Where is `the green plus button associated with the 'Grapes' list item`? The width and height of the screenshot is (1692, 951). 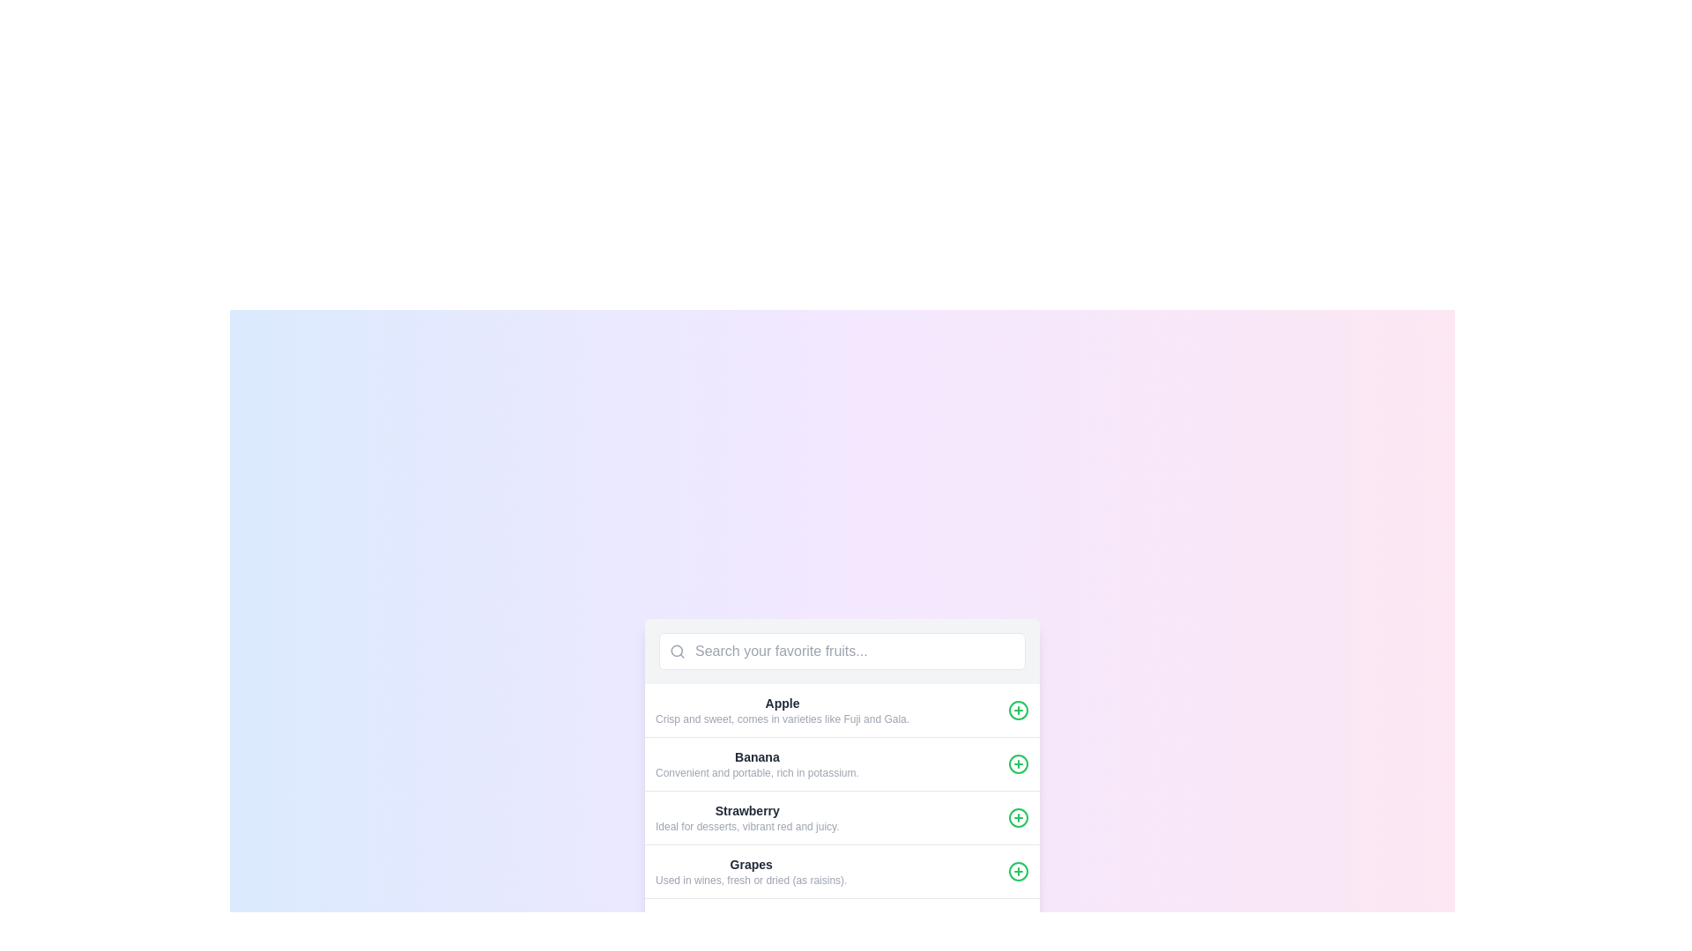
the green plus button associated with the 'Grapes' list item is located at coordinates (841, 869).